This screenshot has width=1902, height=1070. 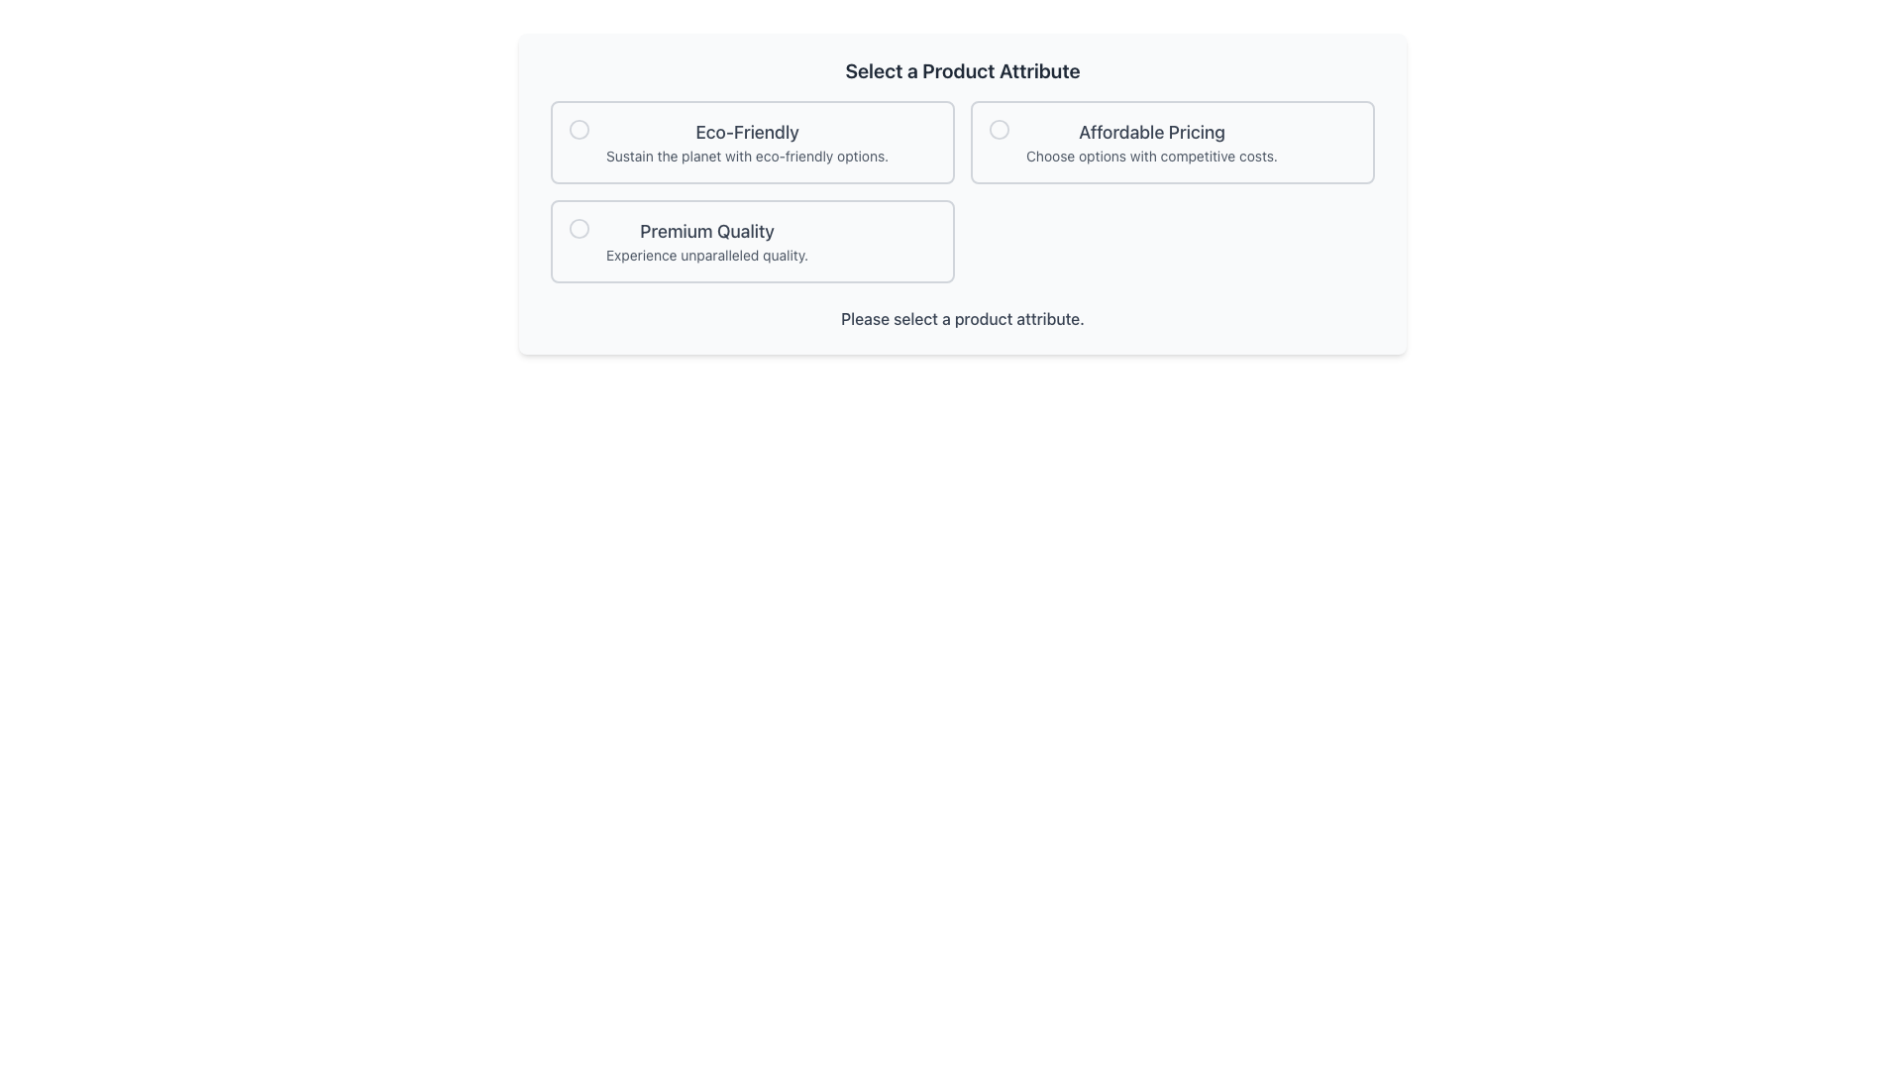 What do you see at coordinates (1151, 156) in the screenshot?
I see `the text paragraph styled in smaller gray font that reads 'Choose options with competitive costs.' located beneath the 'Affordable Pricing' heading` at bounding box center [1151, 156].